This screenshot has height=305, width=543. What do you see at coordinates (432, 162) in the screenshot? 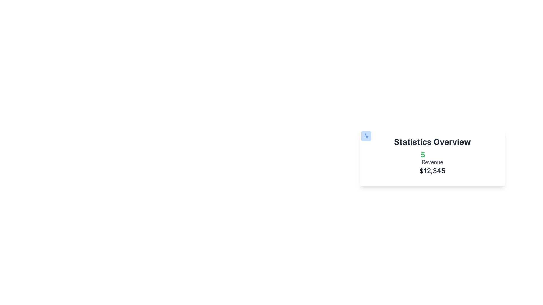
I see `the Text Label that provides context for the numeric revenue value displayed beneath it, positioned below a green dollar sign icon and above the numeric text "$12,345"` at bounding box center [432, 162].